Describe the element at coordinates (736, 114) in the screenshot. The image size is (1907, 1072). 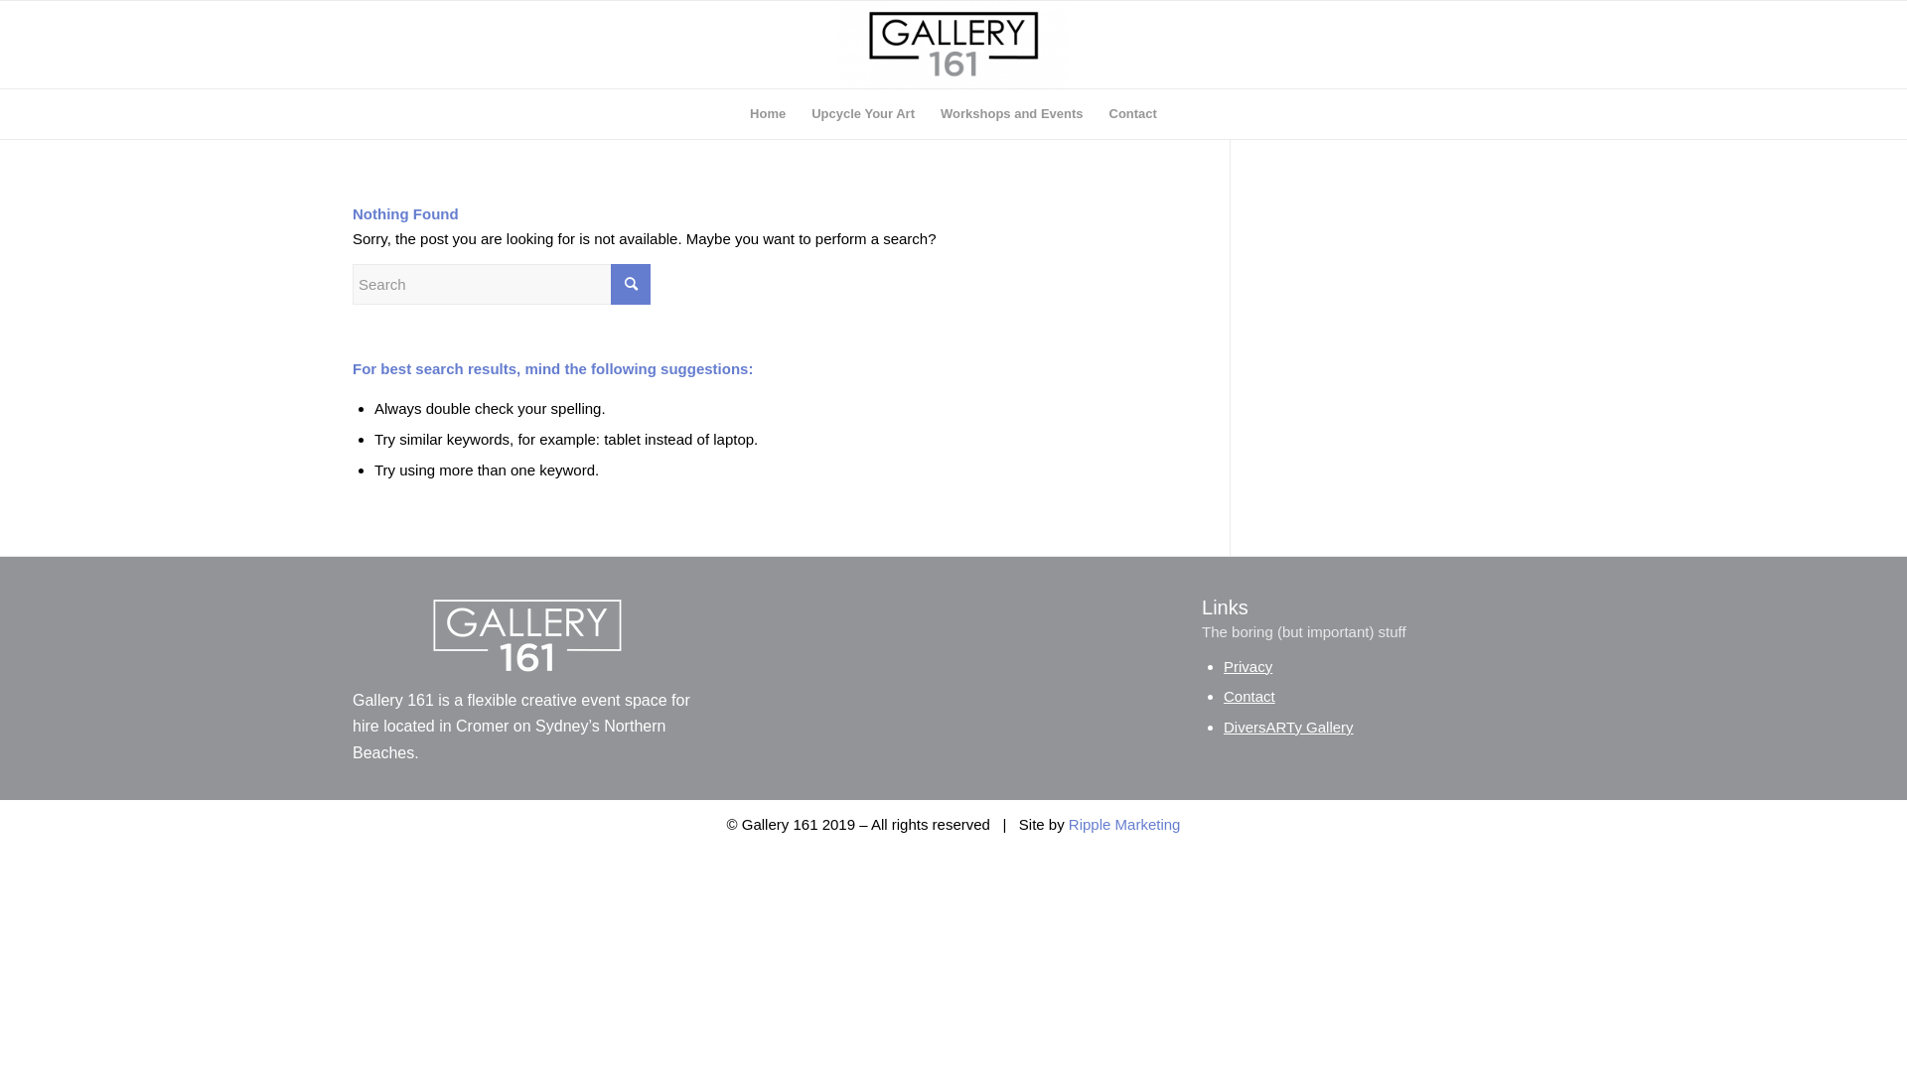
I see `'Home'` at that location.